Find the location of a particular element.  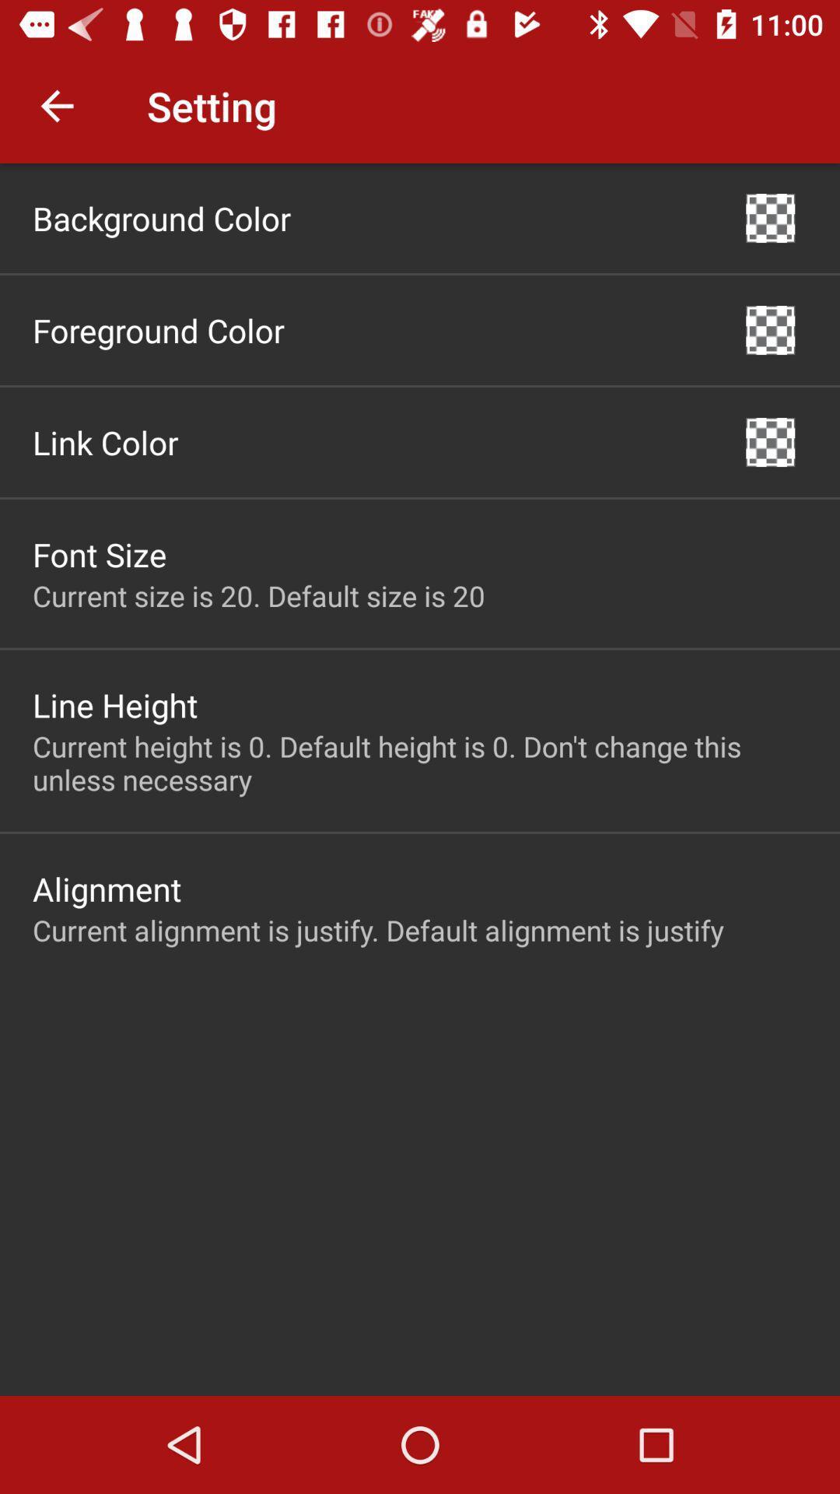

icon below the current size is item is located at coordinates (114, 704).